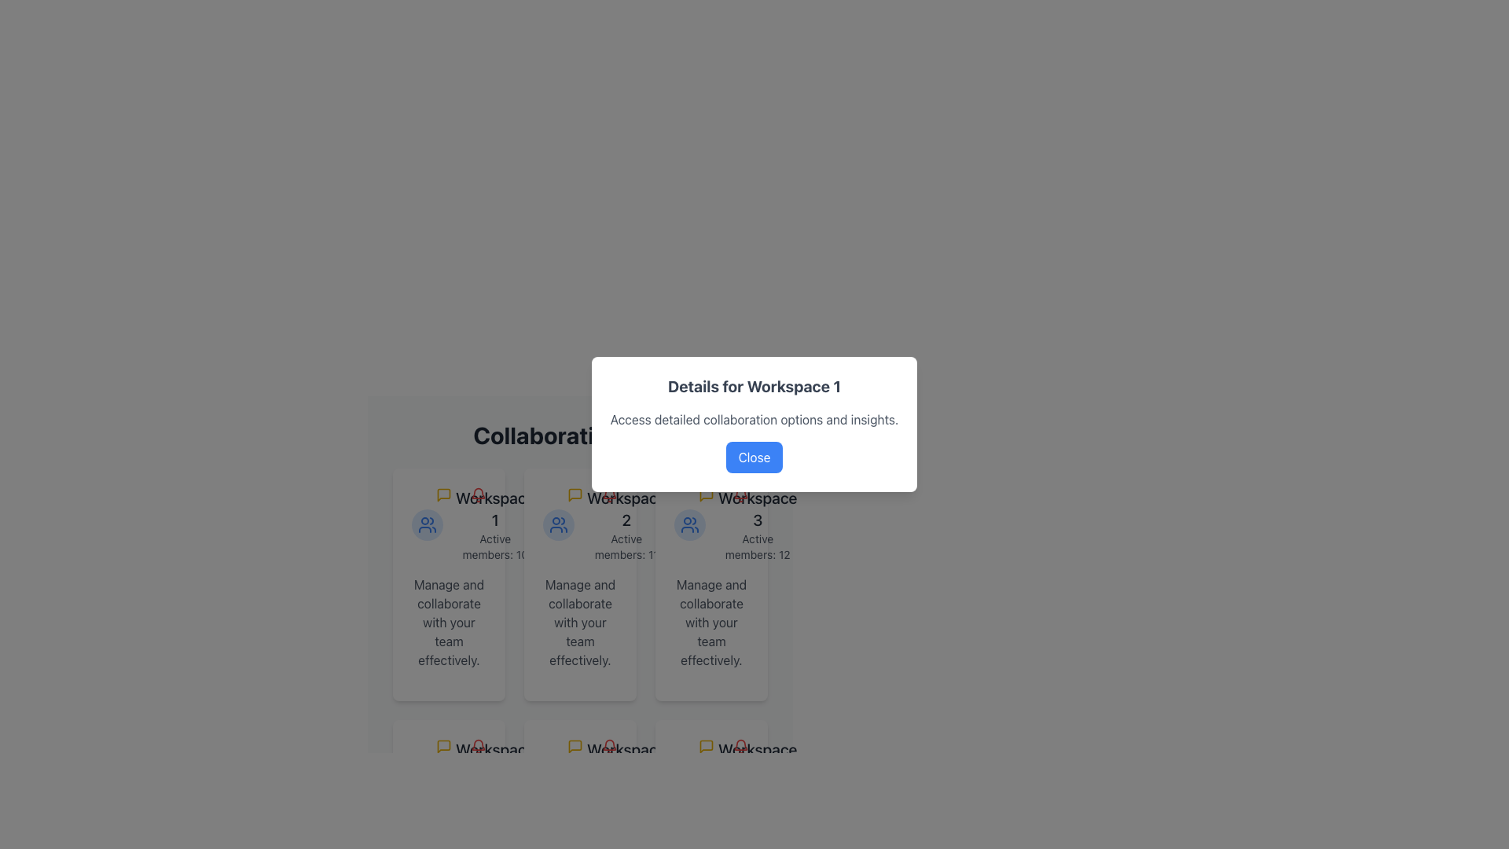 This screenshot has height=849, width=1509. Describe the element at coordinates (443, 494) in the screenshot. I see `the messaging icon located in the top-left corner of the 'Workspace 1' tile, above the '1 Active members: 10' text and to the left of the descriptive text` at that location.